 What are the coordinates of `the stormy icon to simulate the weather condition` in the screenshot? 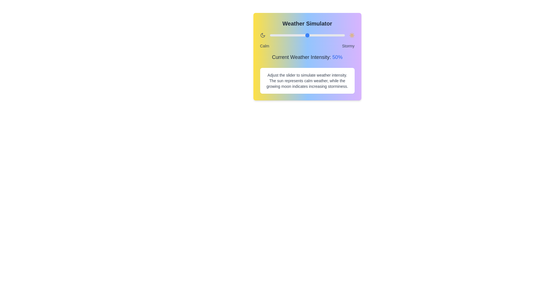 It's located at (352, 35).